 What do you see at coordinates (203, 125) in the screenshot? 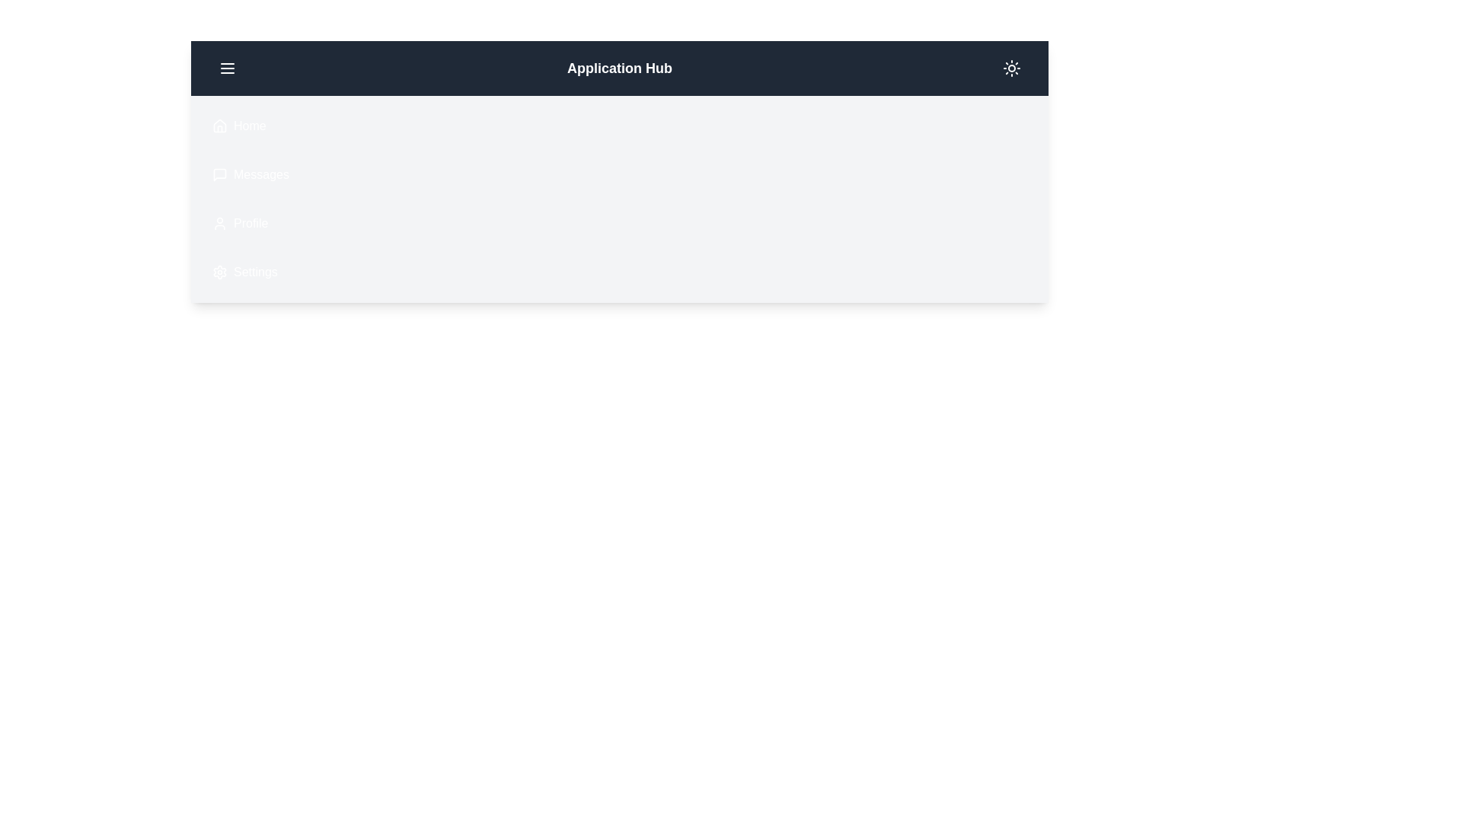
I see `the navigation item Home` at bounding box center [203, 125].